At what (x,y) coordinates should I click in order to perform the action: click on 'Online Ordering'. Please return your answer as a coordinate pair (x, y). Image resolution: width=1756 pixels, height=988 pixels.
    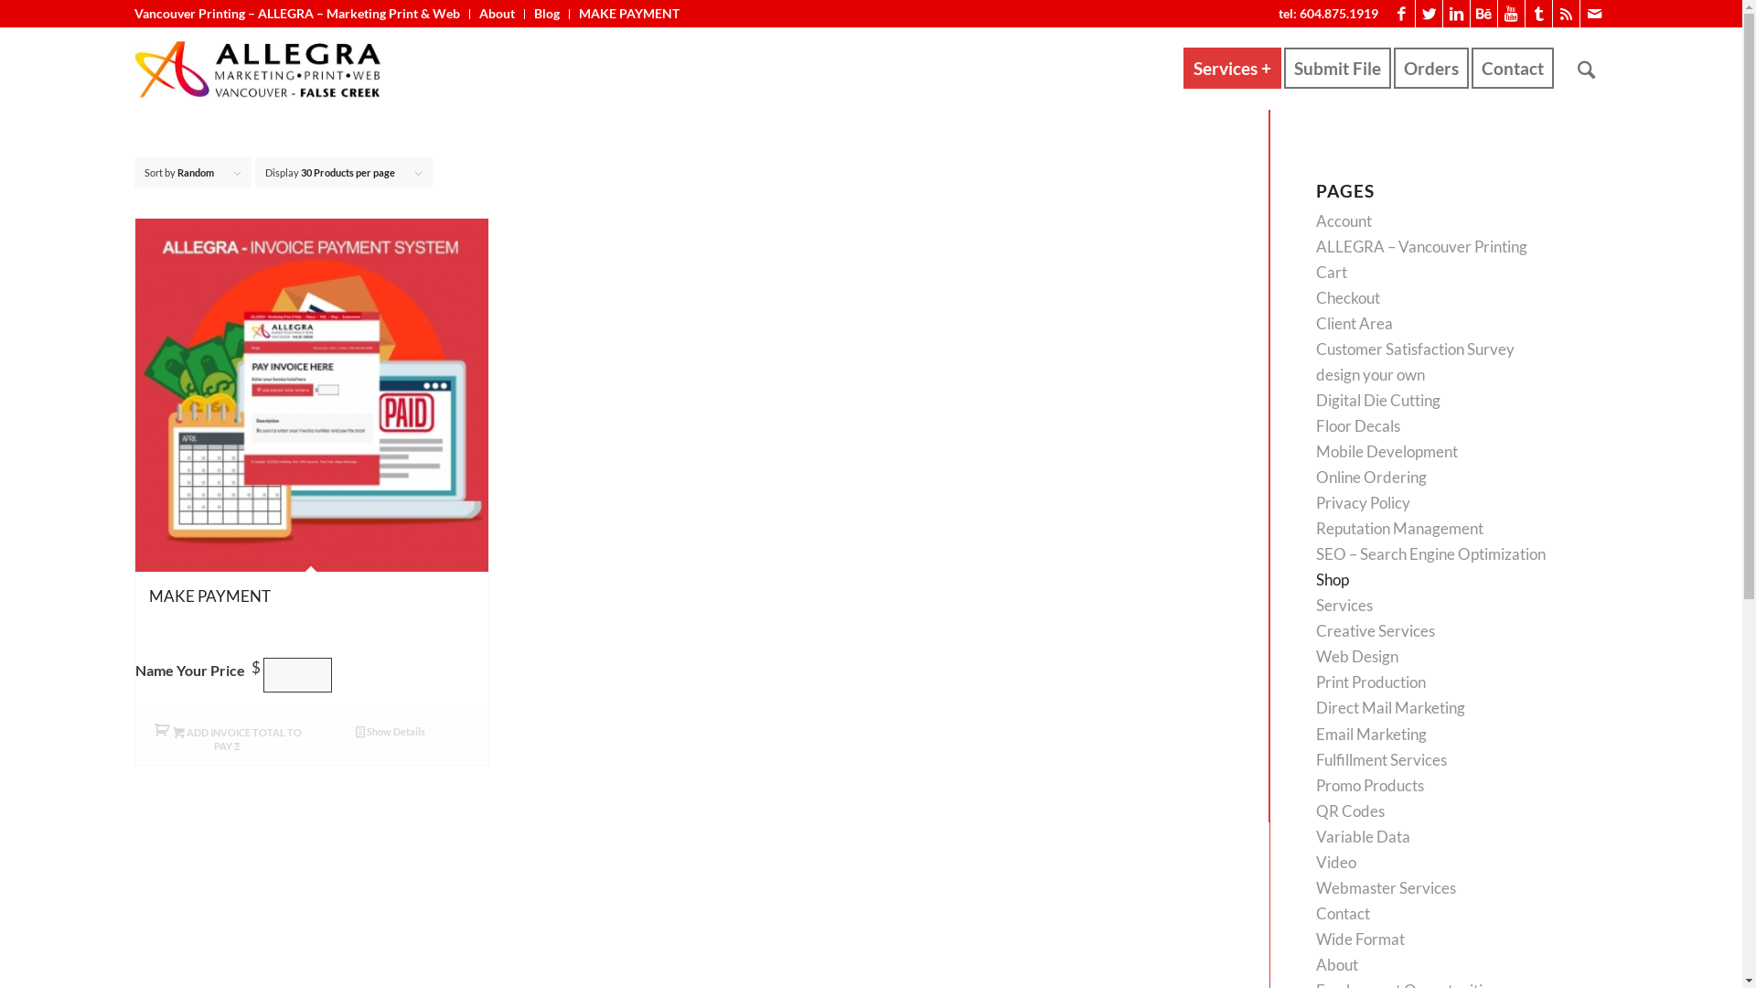
    Looking at the image, I should click on (1371, 476).